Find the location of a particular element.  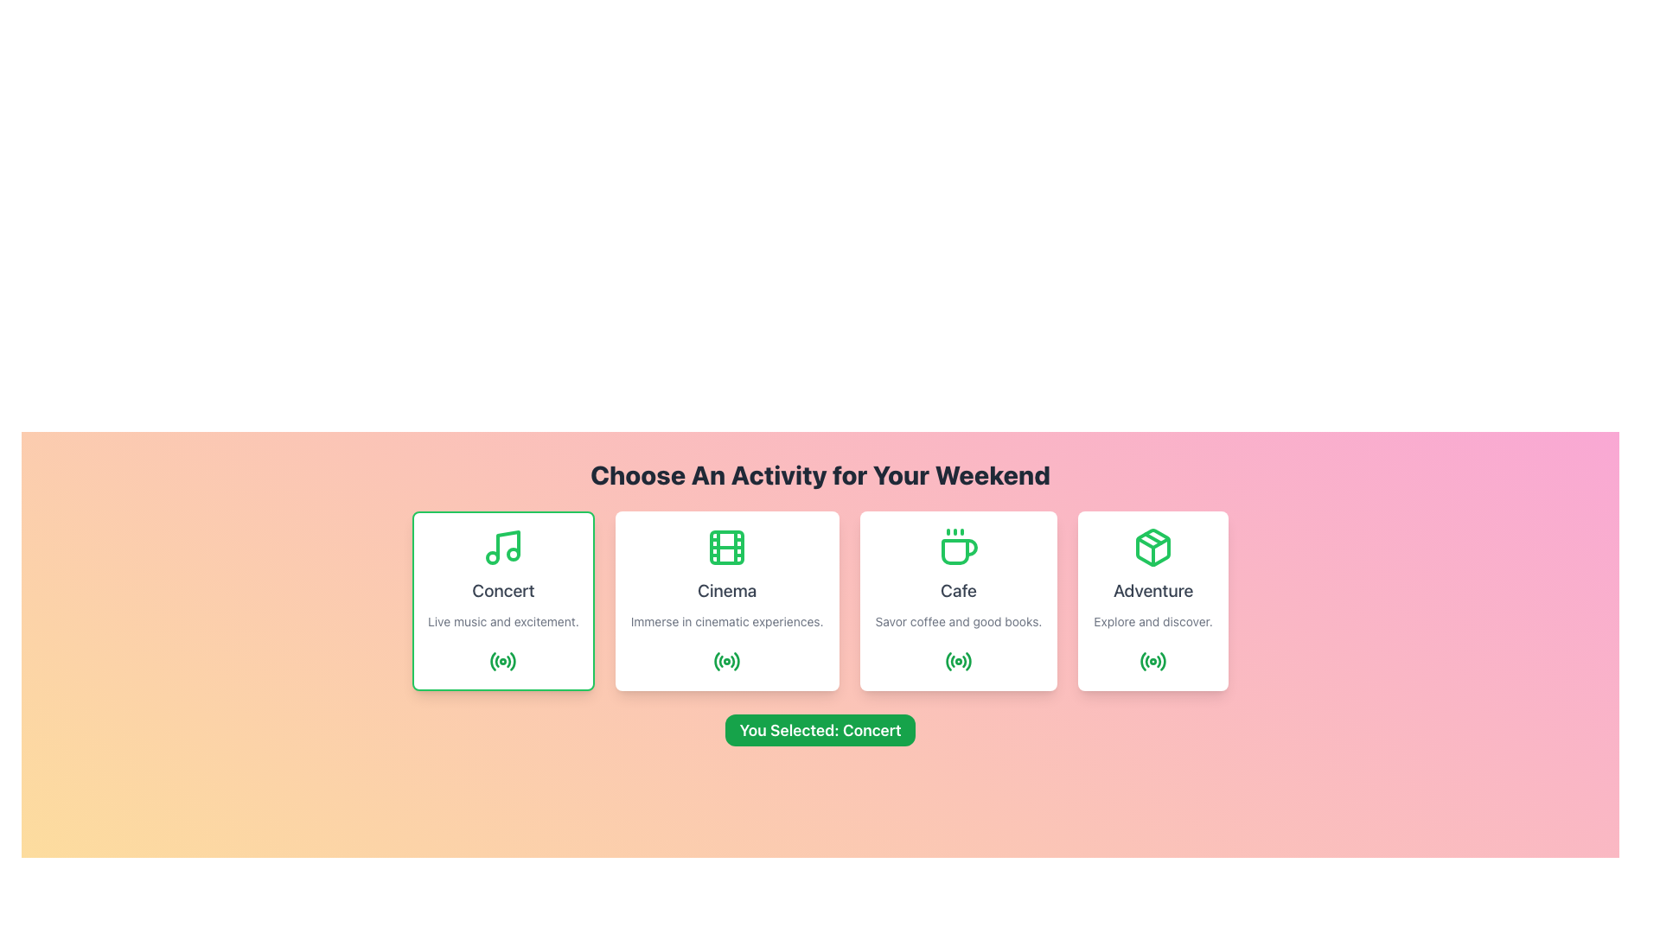

the musical note icon with a vertical stem located on the Concert card, which is the leftmost card in a row of four activity options is located at coordinates (508, 545).